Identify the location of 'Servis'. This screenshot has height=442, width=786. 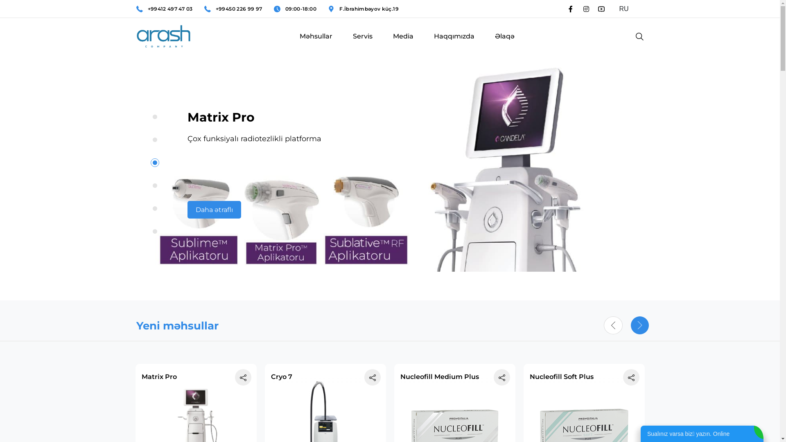
(362, 44).